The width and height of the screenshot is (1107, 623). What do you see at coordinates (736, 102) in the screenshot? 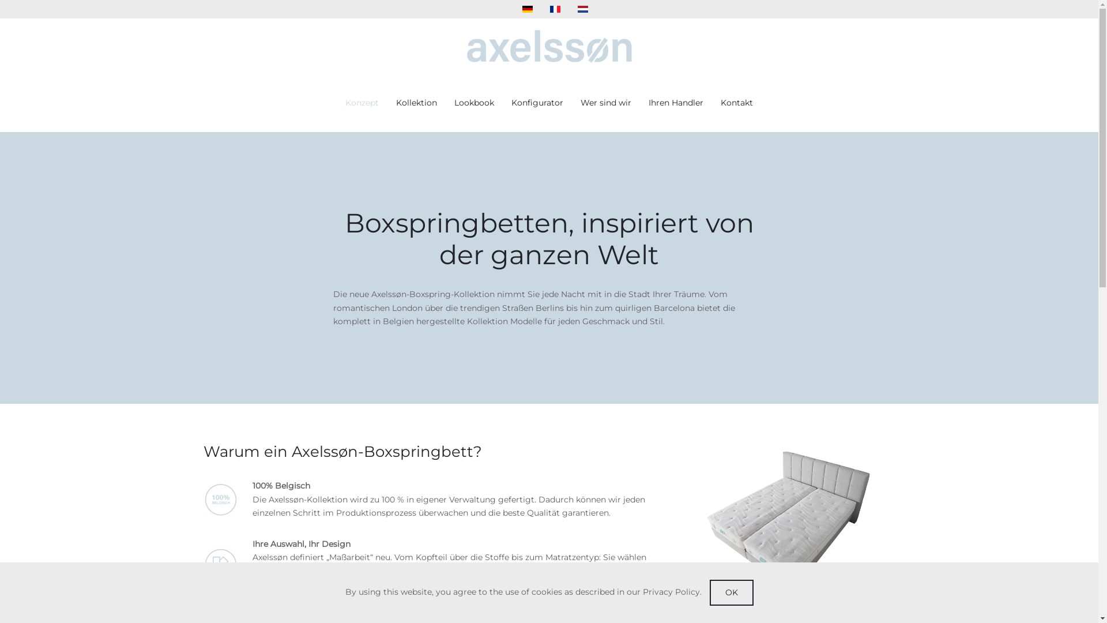
I see `'Kontakt'` at bounding box center [736, 102].